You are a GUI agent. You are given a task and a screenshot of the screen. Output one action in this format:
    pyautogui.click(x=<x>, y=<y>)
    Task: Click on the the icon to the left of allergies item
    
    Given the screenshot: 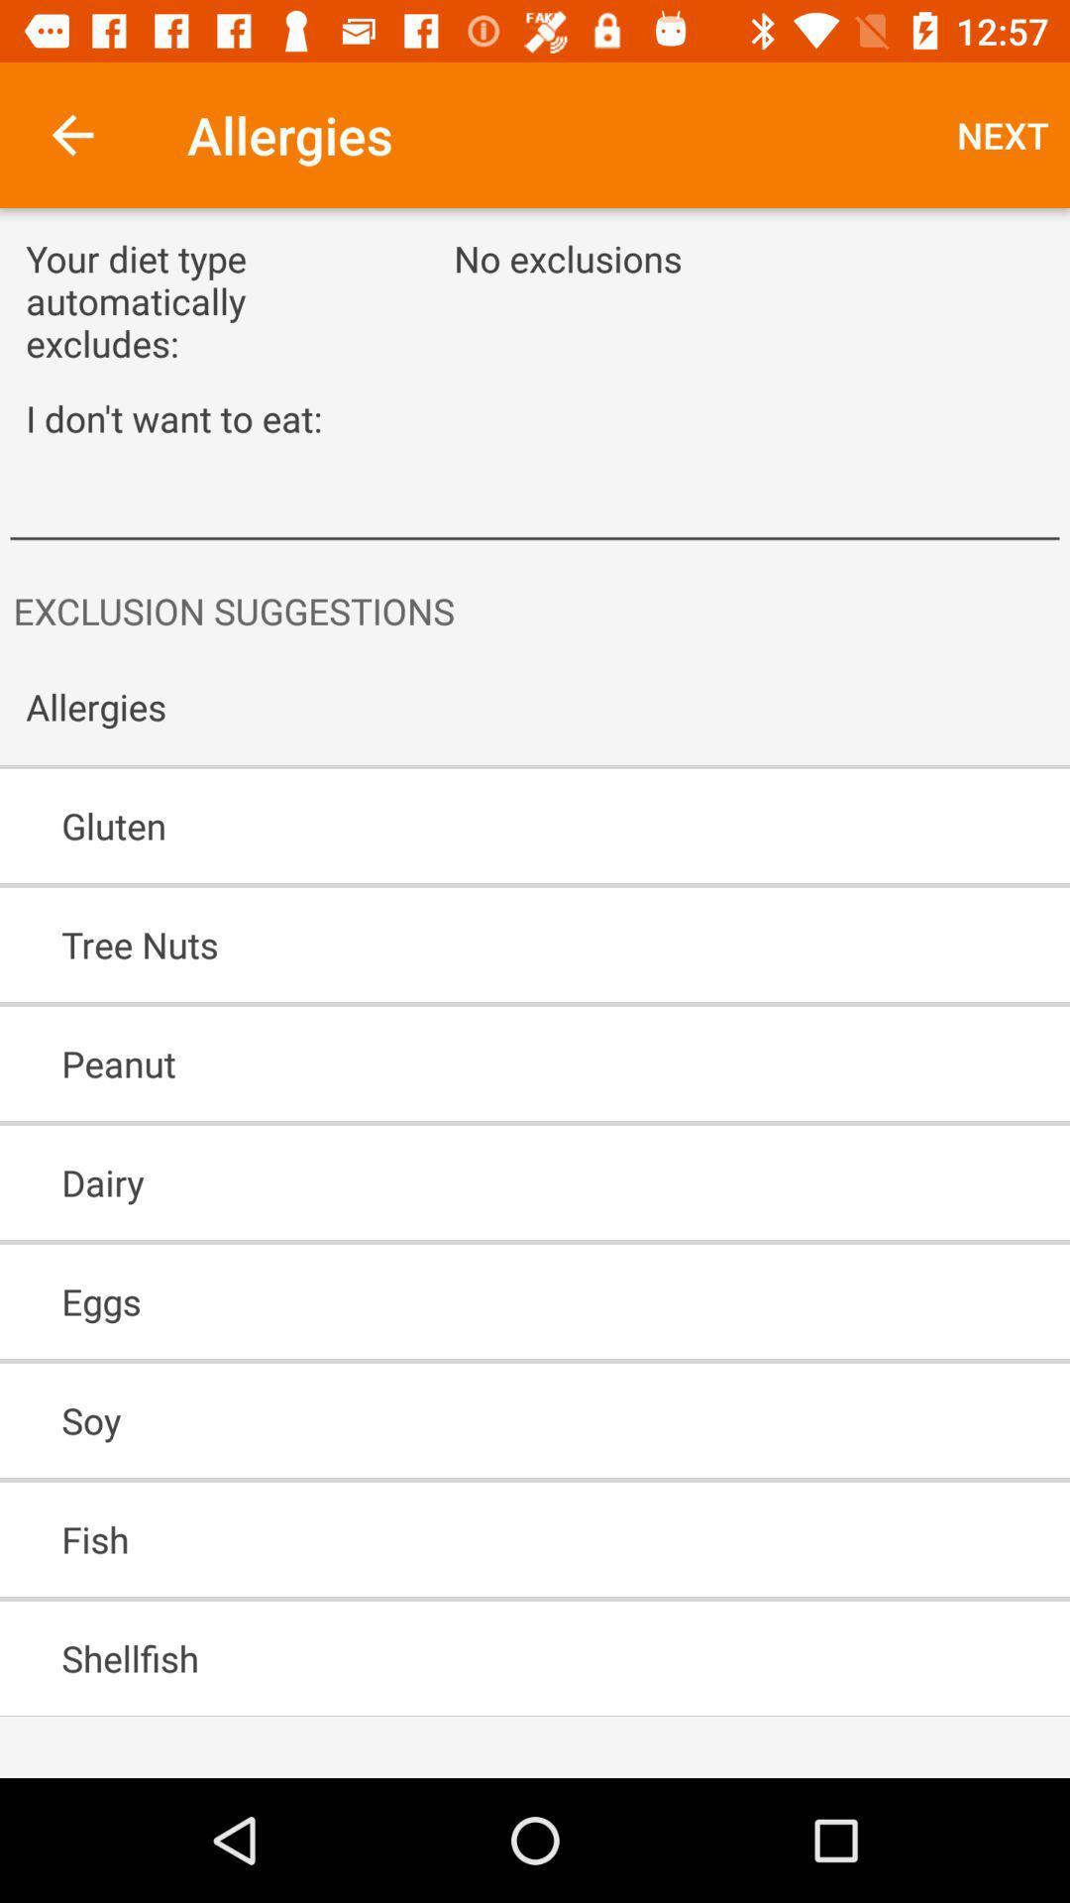 What is the action you would take?
    pyautogui.click(x=71, y=134)
    